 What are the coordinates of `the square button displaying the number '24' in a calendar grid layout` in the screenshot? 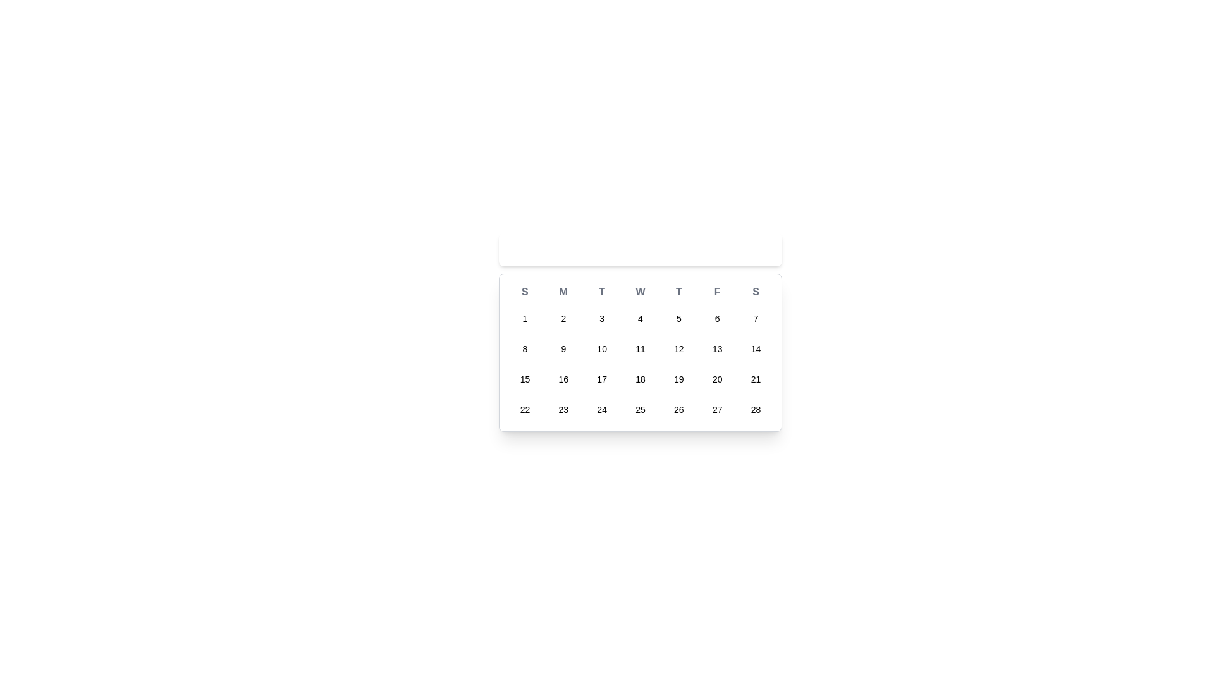 It's located at (601, 410).